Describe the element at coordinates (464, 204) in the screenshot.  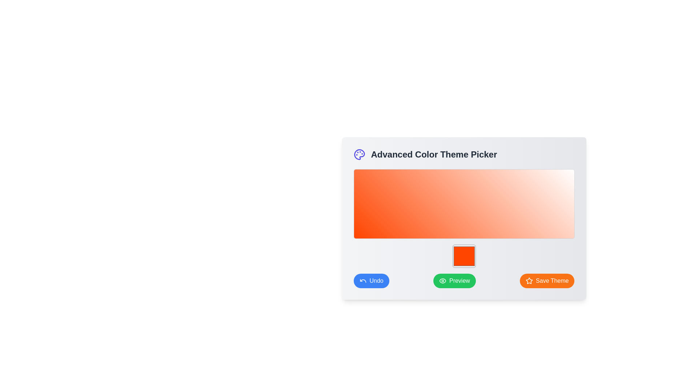
I see `the Gradient Display Area, which is a rectangle filled with a gradient transitioning from deep red to white, located centrally within the 'Advanced Color Theme Picker' panel, above the 'Undo', 'Preview', and 'Save Theme' buttons` at that location.